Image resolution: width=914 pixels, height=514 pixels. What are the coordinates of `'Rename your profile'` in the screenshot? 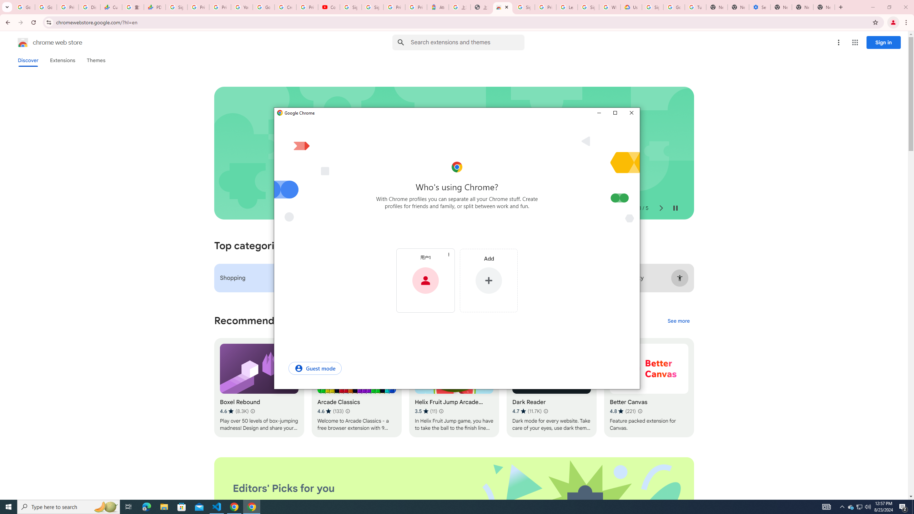 It's located at (425, 257).